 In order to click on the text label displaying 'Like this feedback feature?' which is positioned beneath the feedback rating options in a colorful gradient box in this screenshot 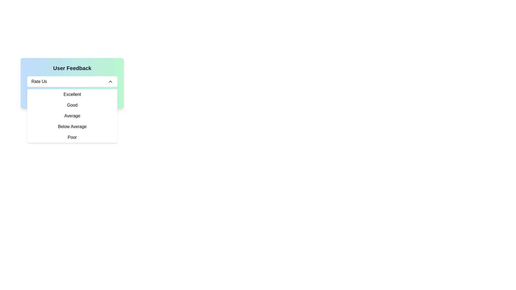, I will do `click(72, 96)`.